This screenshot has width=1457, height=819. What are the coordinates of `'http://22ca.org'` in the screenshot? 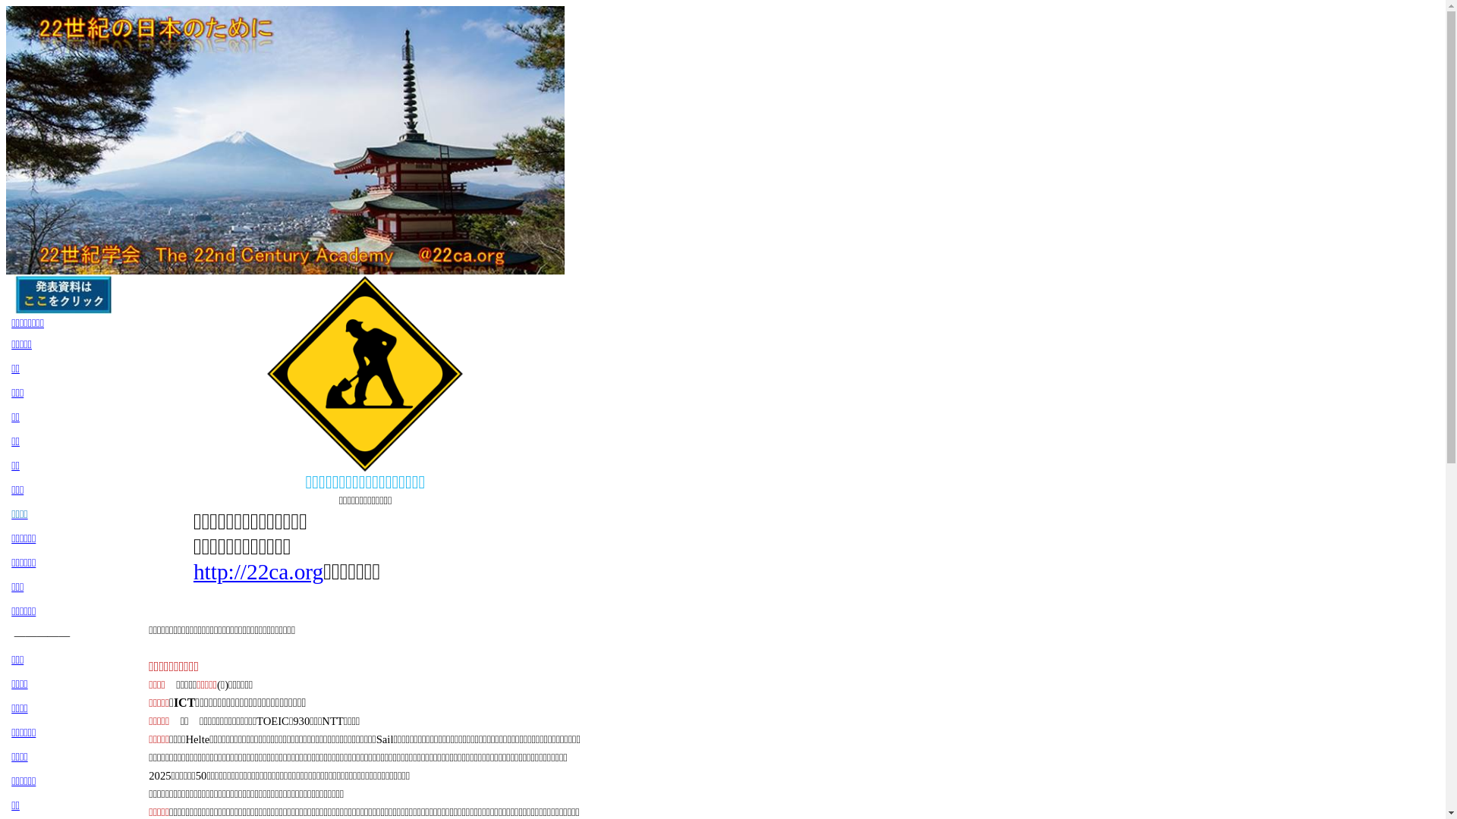 It's located at (192, 571).